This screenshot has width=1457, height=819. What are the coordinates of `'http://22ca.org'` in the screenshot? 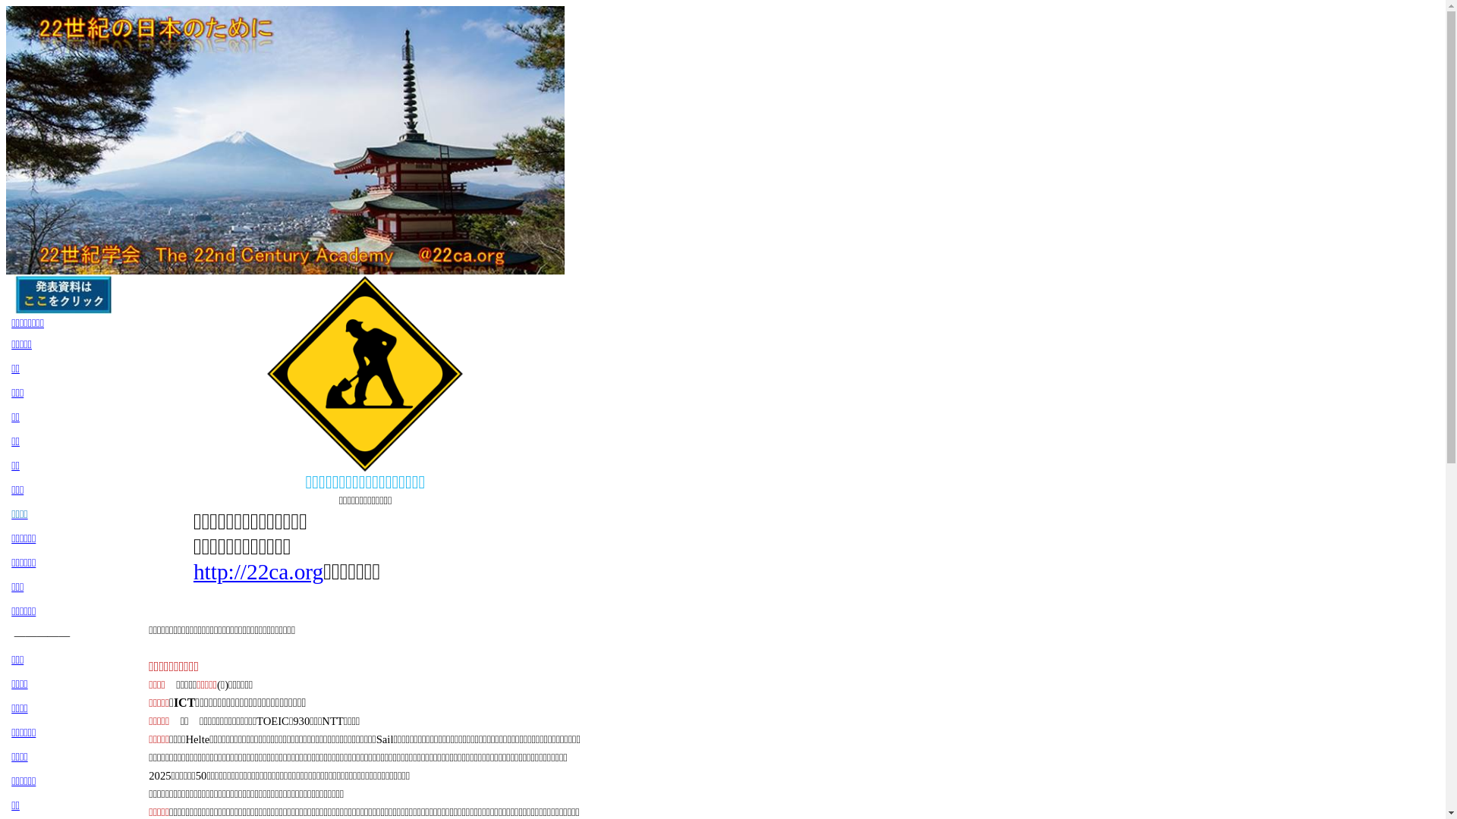 It's located at (192, 571).